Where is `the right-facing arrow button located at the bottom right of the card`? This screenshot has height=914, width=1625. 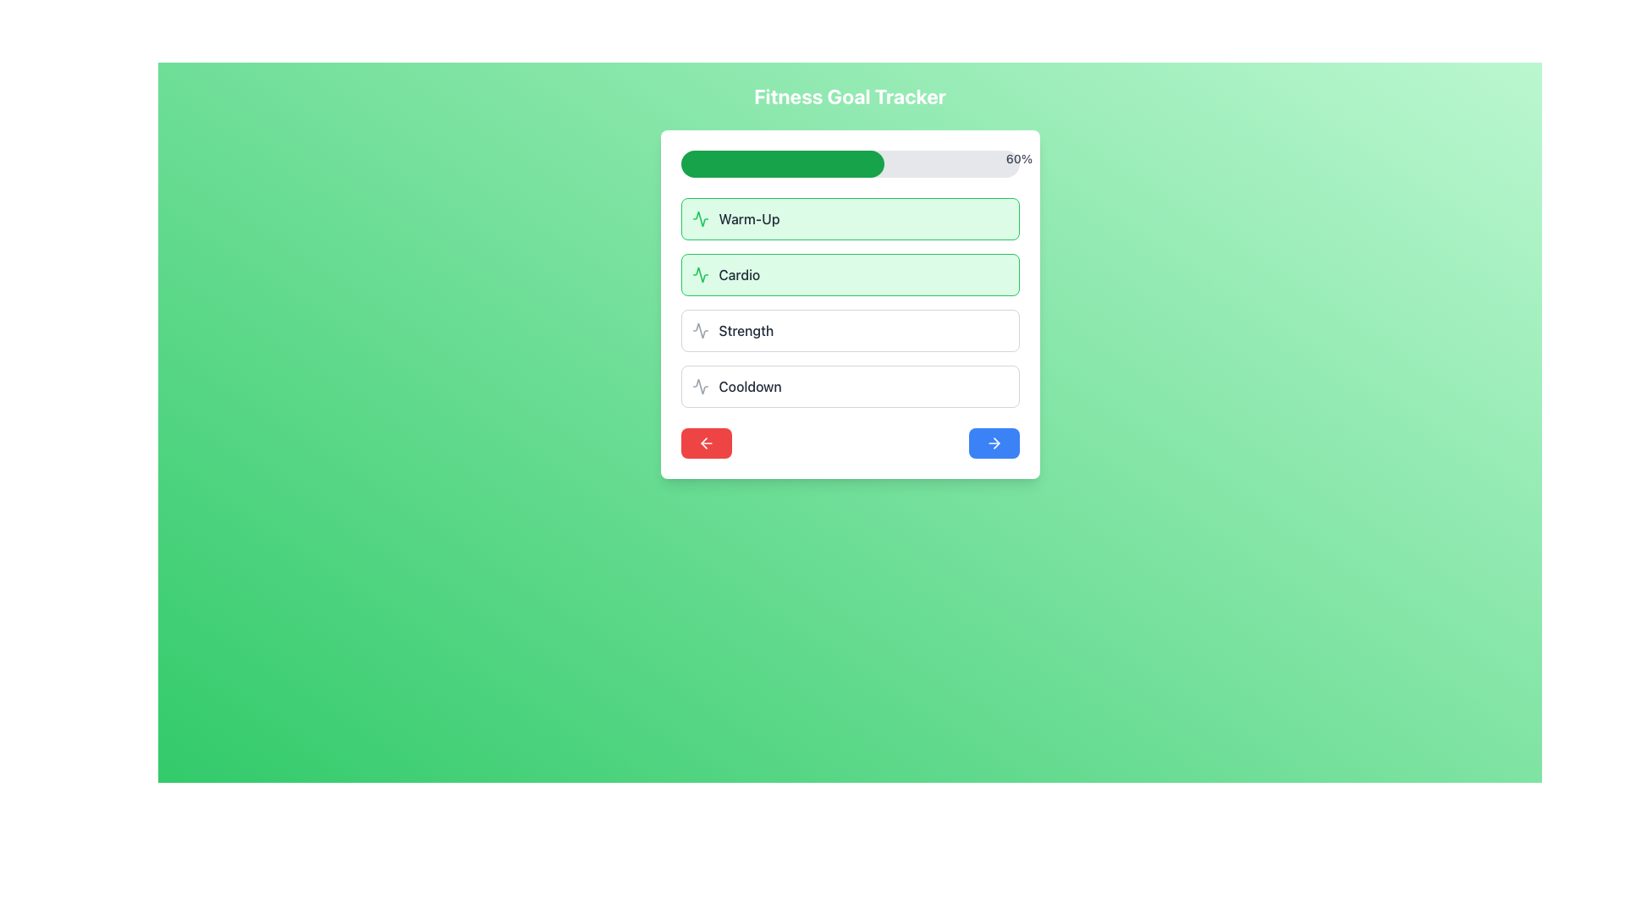 the right-facing arrow button located at the bottom right of the card is located at coordinates (994, 443).